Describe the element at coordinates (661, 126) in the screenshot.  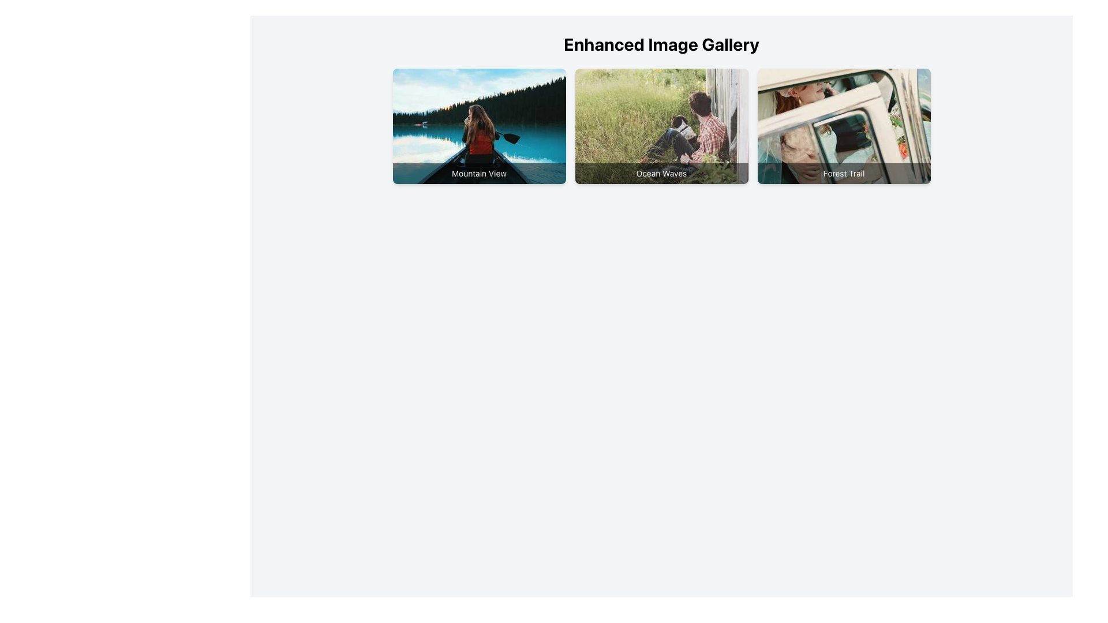
I see `the second Image Card labeled 'Ocean Waves', which is centrally positioned in the grid layout, flanked by 'Mountain View' and 'Forest Trail'` at that location.